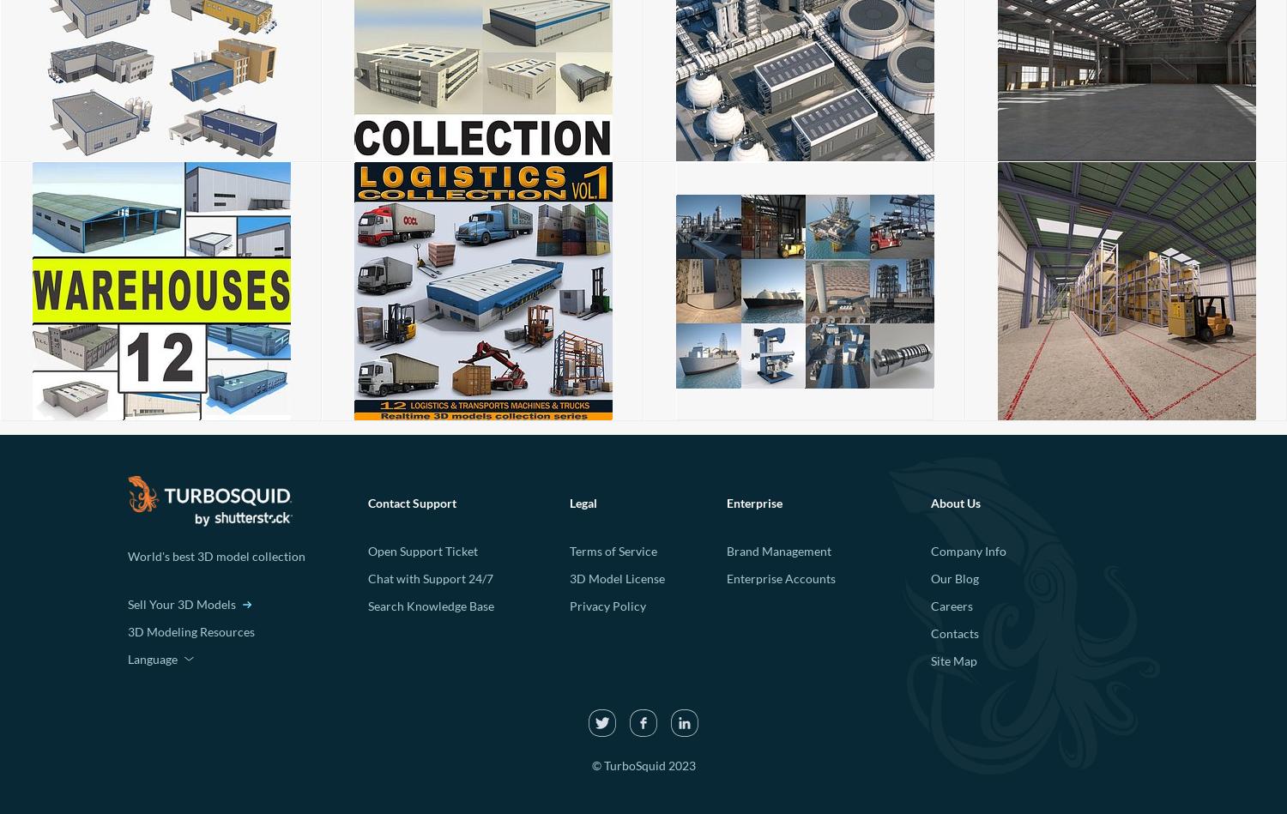  I want to click on 'Enterprise', so click(753, 502).